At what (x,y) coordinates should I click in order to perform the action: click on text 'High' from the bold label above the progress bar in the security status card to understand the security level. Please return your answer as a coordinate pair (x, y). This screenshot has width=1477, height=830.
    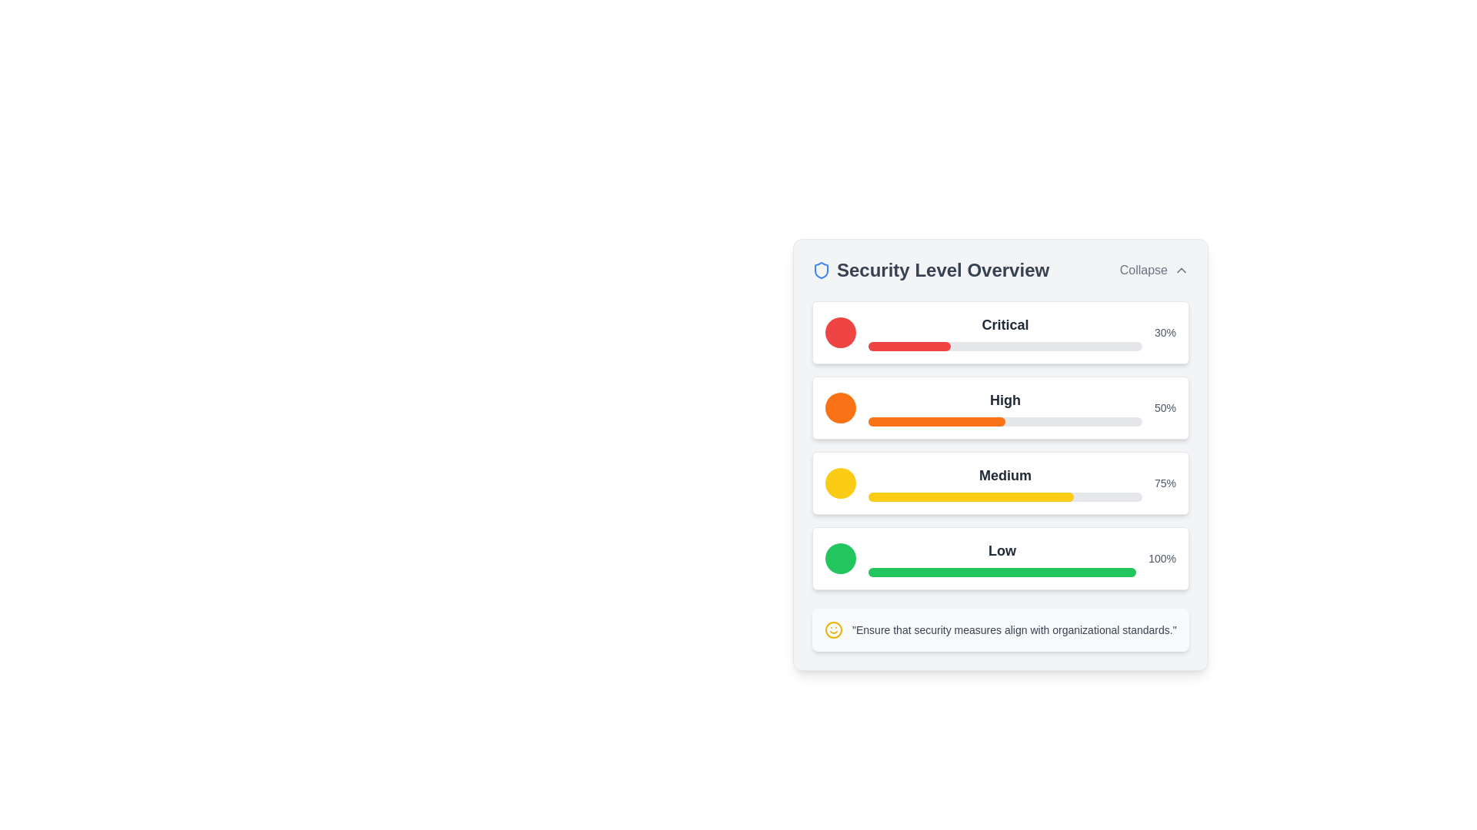
    Looking at the image, I should click on (1005, 407).